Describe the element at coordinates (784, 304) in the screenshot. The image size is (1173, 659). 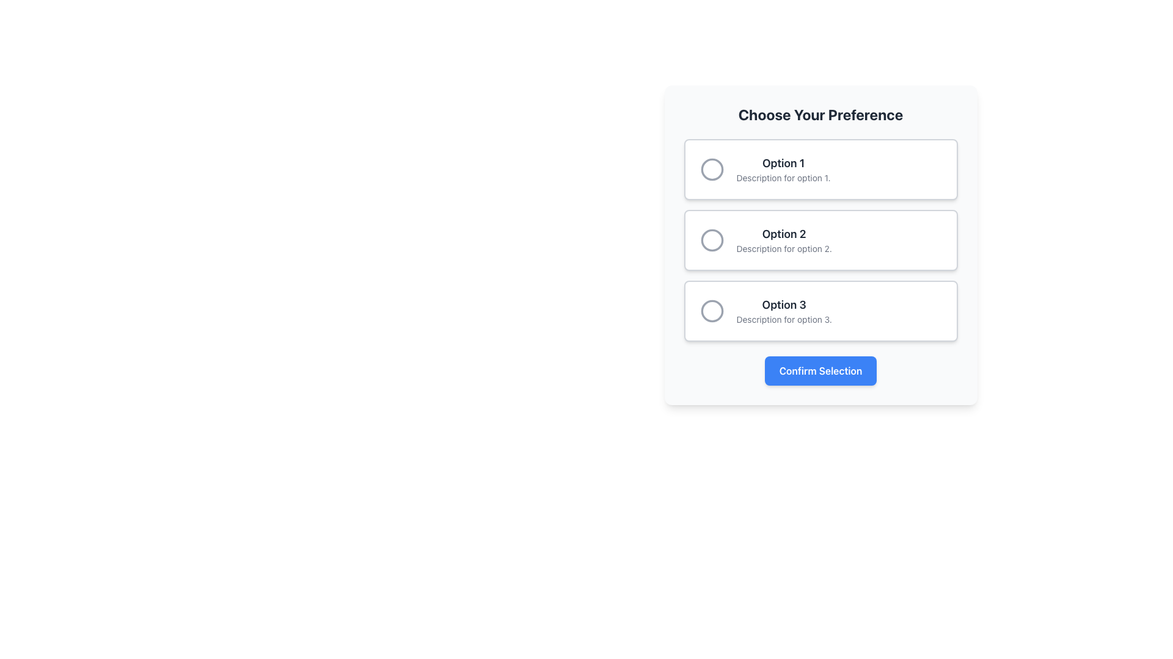
I see `the bolded text header labeled 'Option 3' which is styled in dark gray and located within the third selectable option card in the vertical list` at that location.